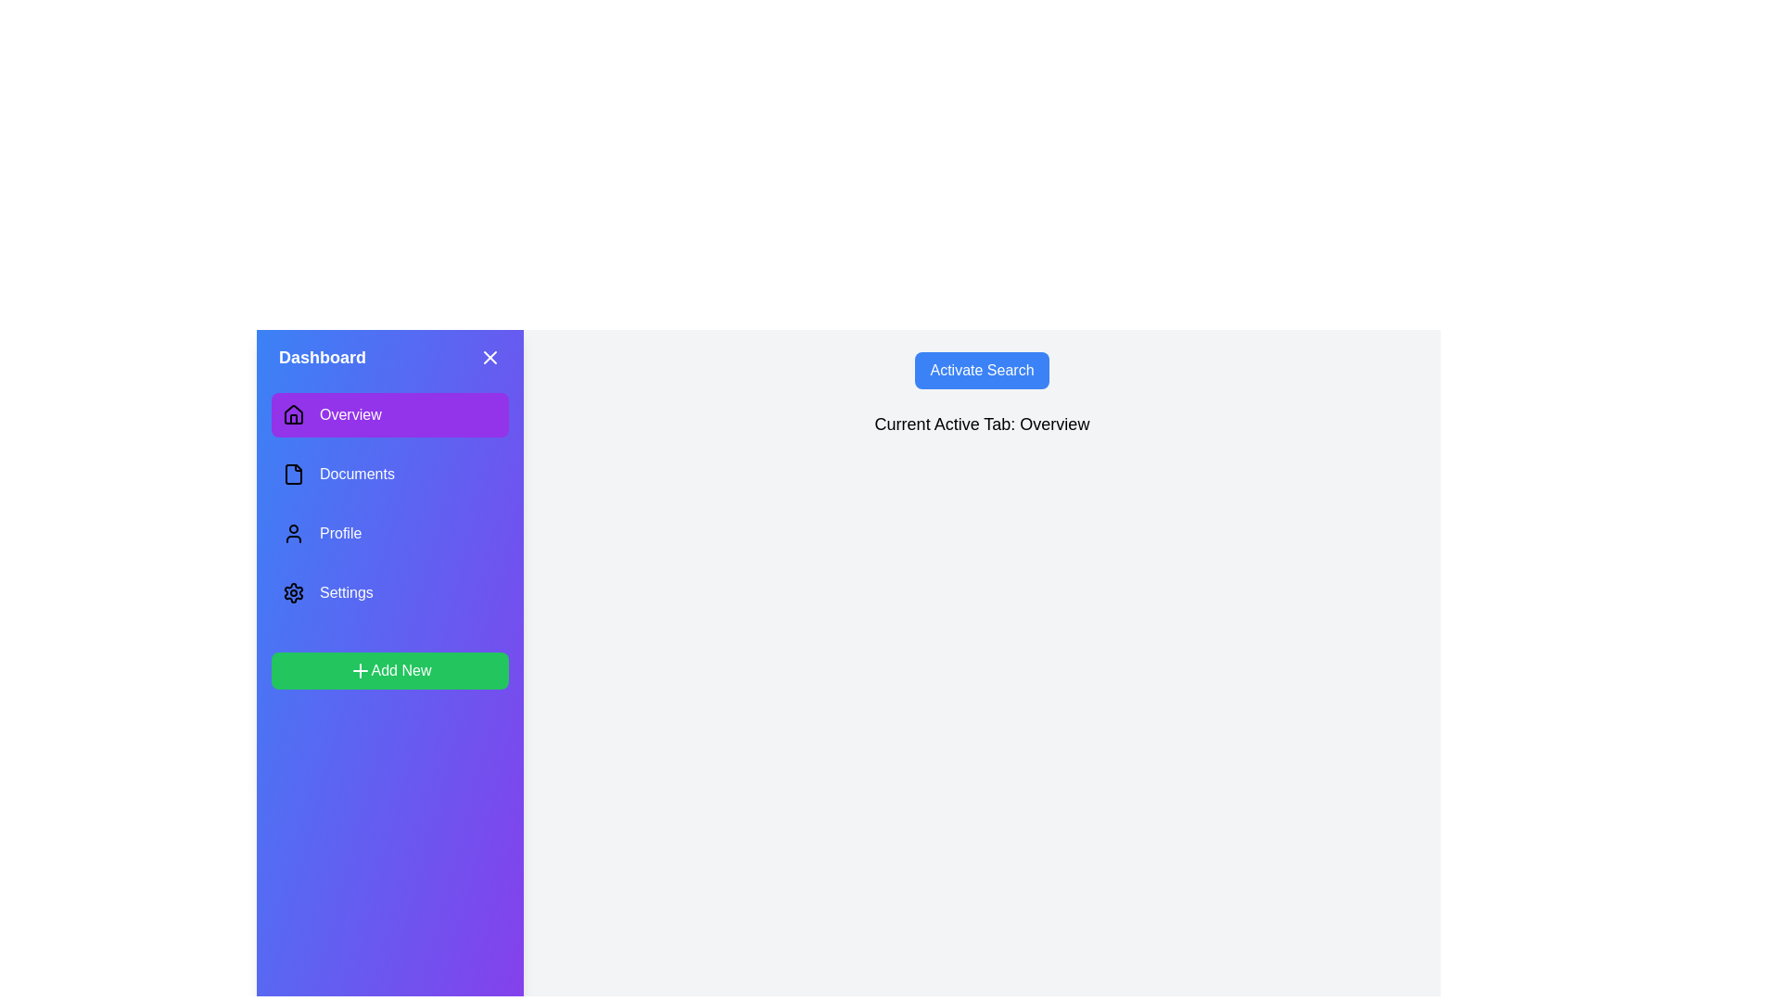 The height and width of the screenshot is (1001, 1780). Describe the element at coordinates (389, 474) in the screenshot. I see `the document icon` at that location.